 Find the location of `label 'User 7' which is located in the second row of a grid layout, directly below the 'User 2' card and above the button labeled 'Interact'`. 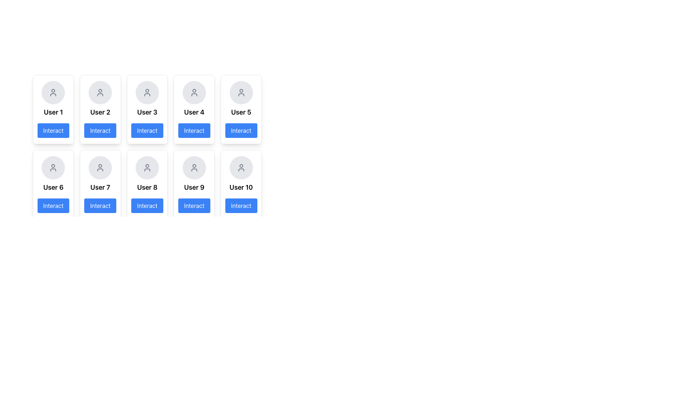

label 'User 7' which is located in the second row of a grid layout, directly below the 'User 2' card and above the button labeled 'Interact' is located at coordinates (100, 187).